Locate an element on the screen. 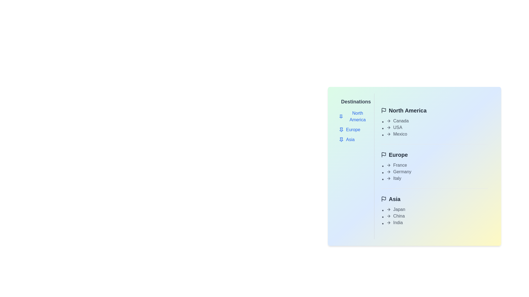  the 'India' link, which is the third item in the list under the 'Asia' section is located at coordinates (437, 223).